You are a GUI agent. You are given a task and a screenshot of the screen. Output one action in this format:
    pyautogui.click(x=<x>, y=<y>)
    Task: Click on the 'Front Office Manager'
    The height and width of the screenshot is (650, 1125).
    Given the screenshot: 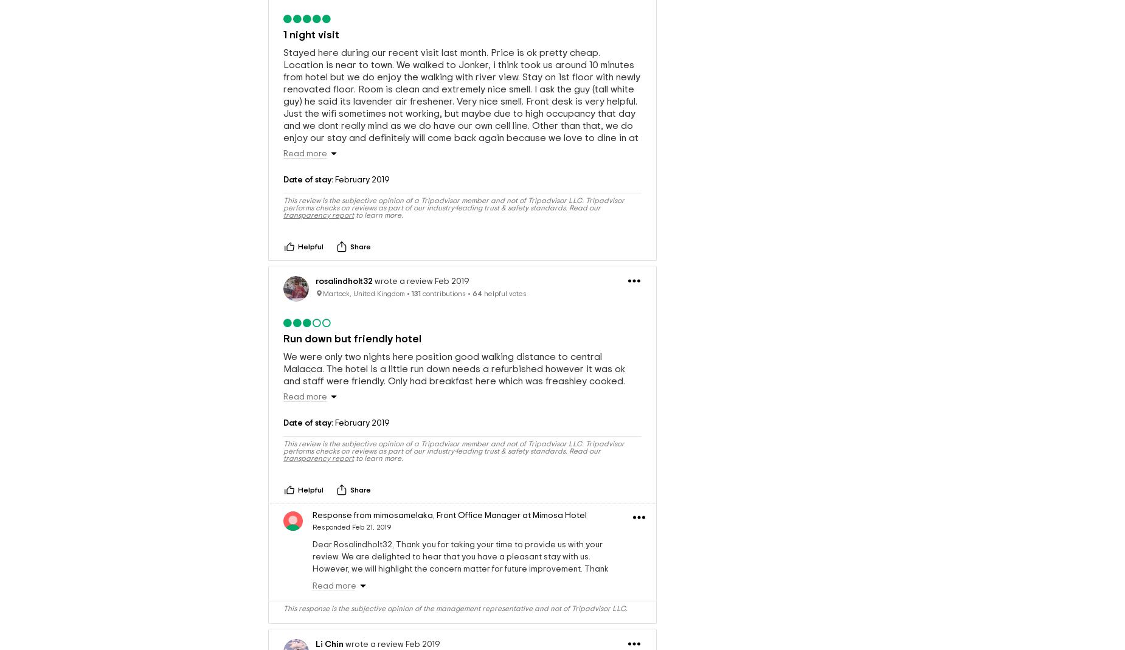 What is the action you would take?
    pyautogui.click(x=478, y=514)
    